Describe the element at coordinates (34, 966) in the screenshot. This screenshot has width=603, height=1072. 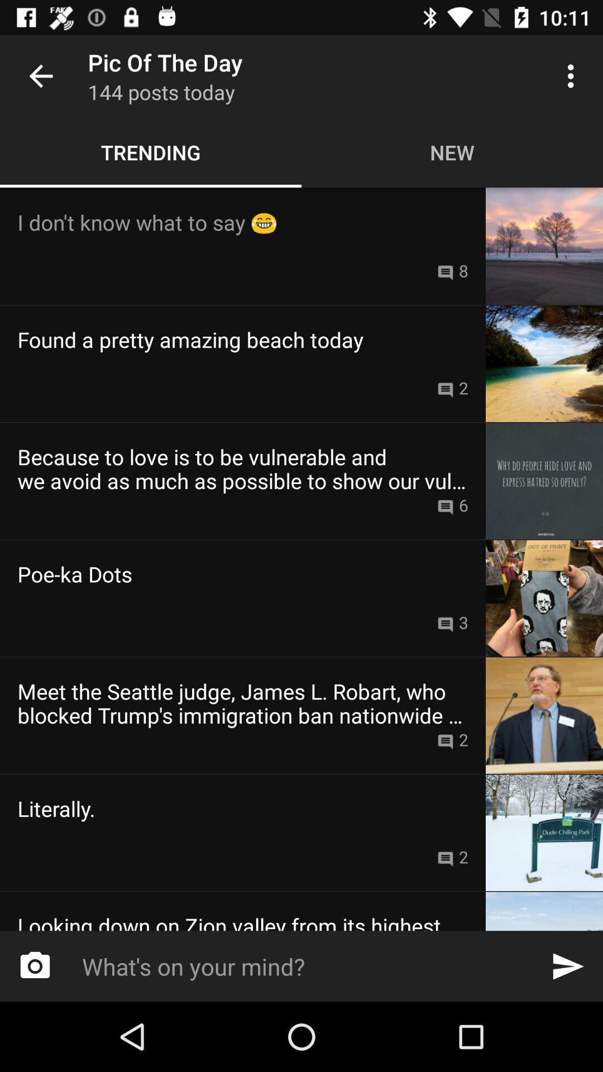
I see `the photo icon` at that location.